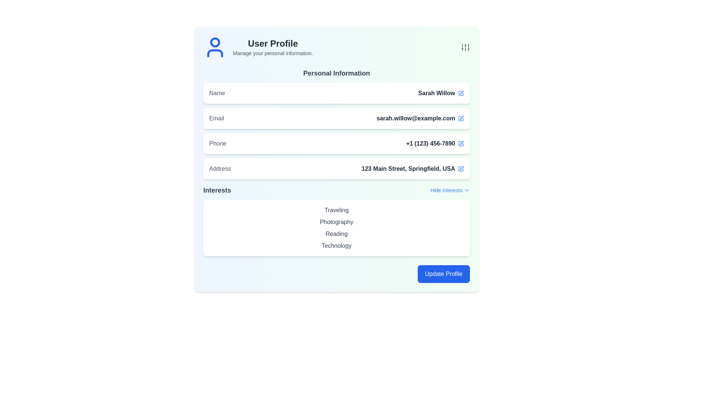 The width and height of the screenshot is (711, 400). Describe the element at coordinates (214, 47) in the screenshot. I see `the user avatar icon, which is an SVG representation with a blue outline, located to the left of the 'User Profile' title in the top-left section of the profile interface` at that location.